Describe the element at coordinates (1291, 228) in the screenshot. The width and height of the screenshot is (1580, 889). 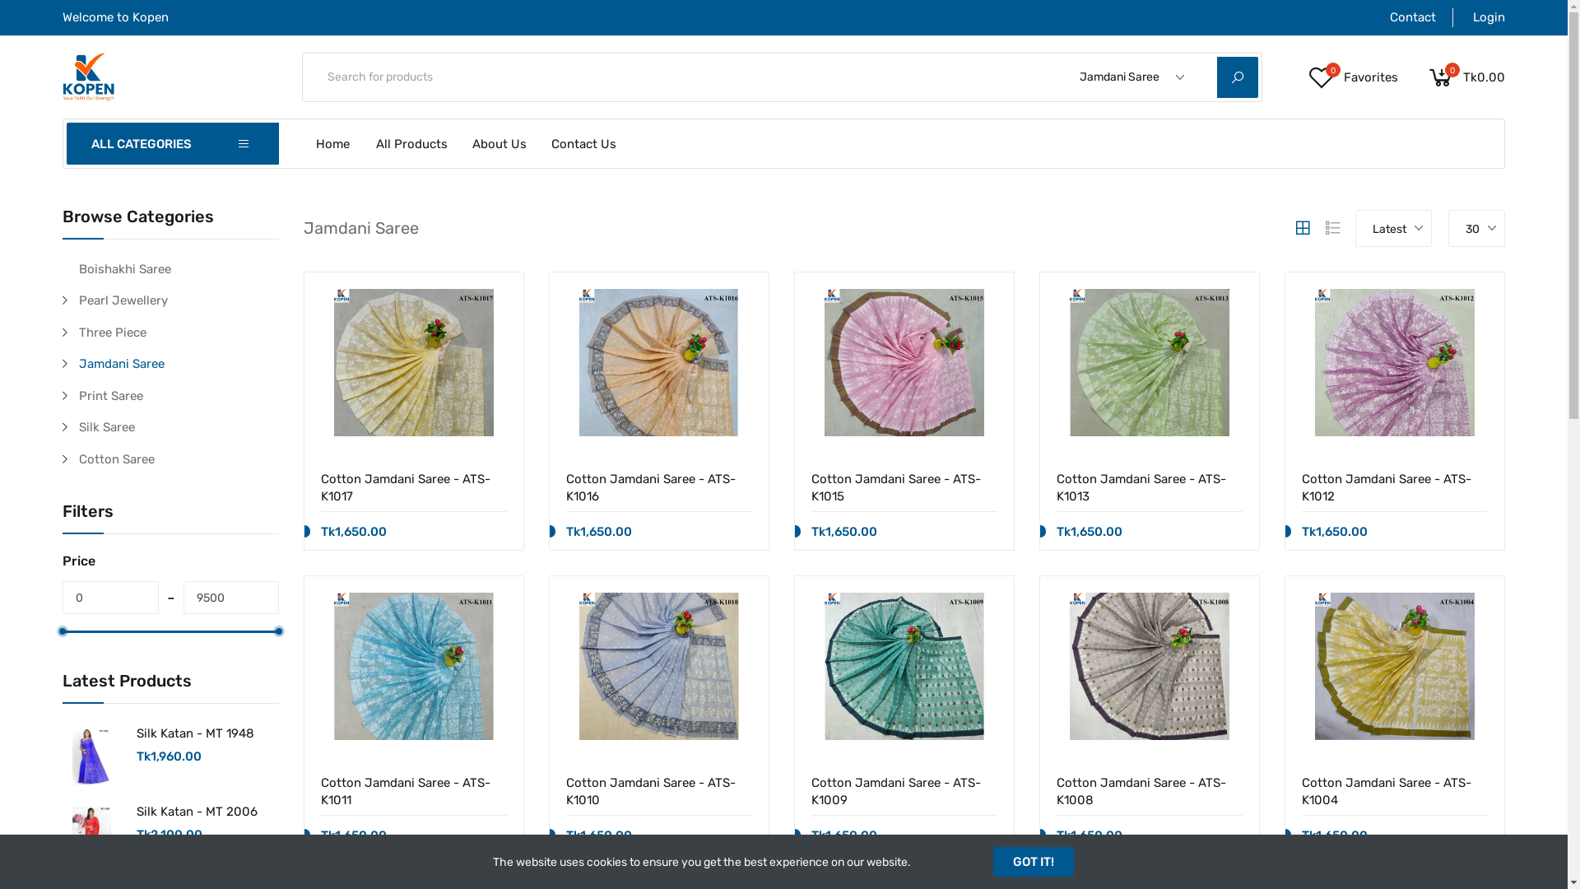
I see `'Grid View'` at that location.